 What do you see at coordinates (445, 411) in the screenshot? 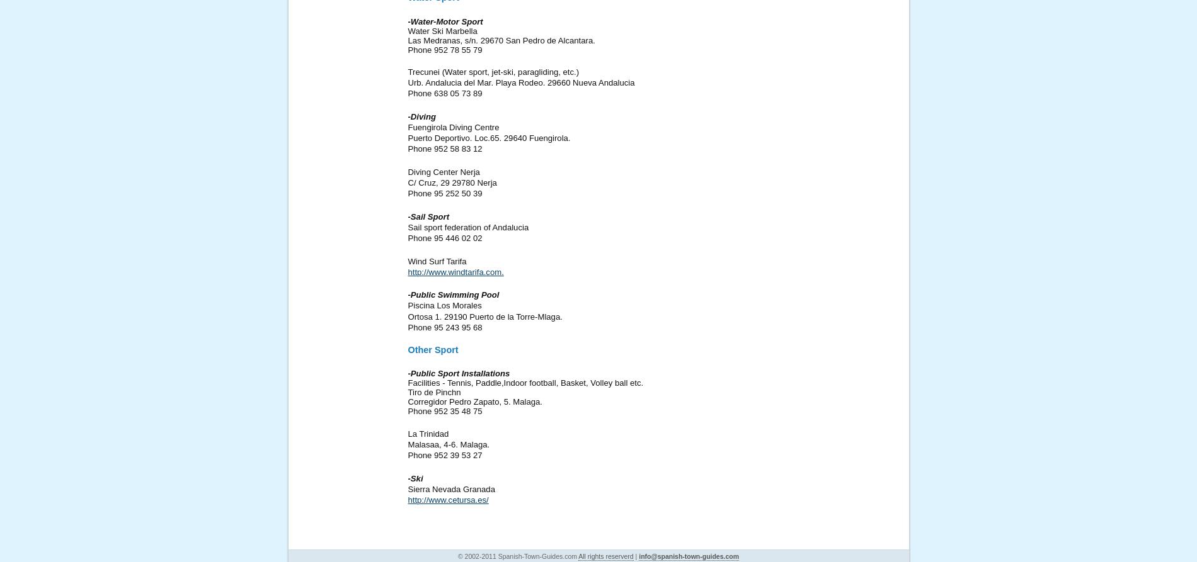
I see `'Phone 952 35 48 75'` at bounding box center [445, 411].